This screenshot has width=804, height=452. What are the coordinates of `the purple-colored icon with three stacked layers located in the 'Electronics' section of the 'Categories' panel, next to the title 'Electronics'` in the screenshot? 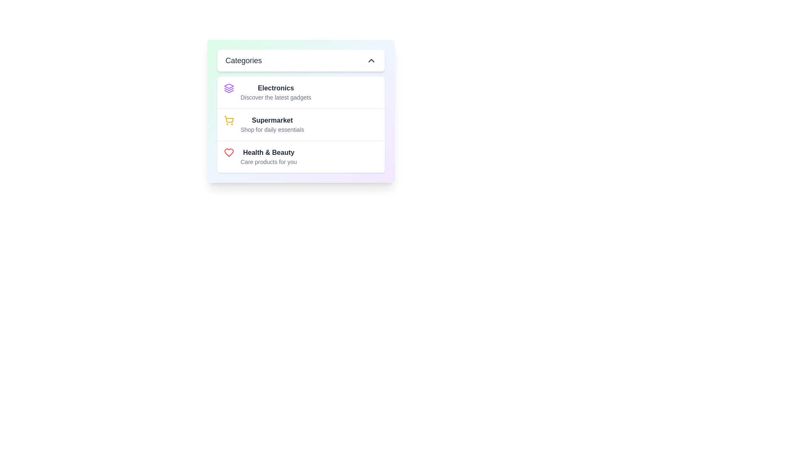 It's located at (229, 88).